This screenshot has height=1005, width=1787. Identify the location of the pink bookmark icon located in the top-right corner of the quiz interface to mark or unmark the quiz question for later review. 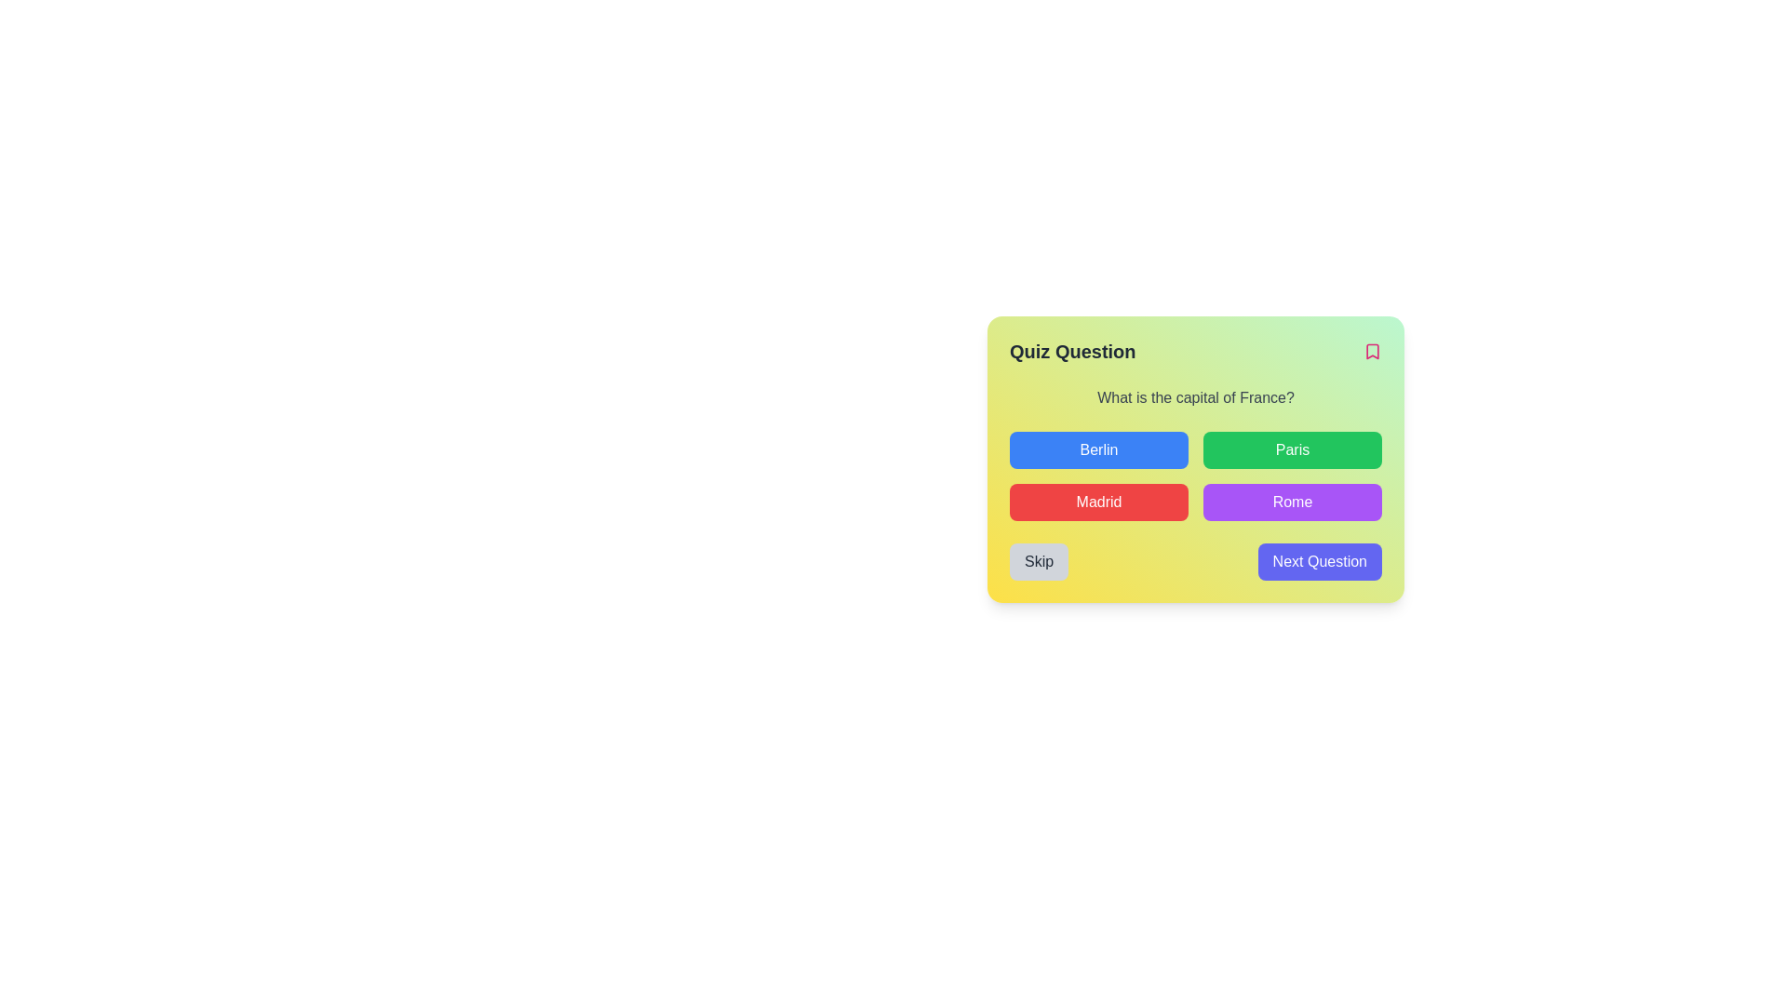
(1372, 352).